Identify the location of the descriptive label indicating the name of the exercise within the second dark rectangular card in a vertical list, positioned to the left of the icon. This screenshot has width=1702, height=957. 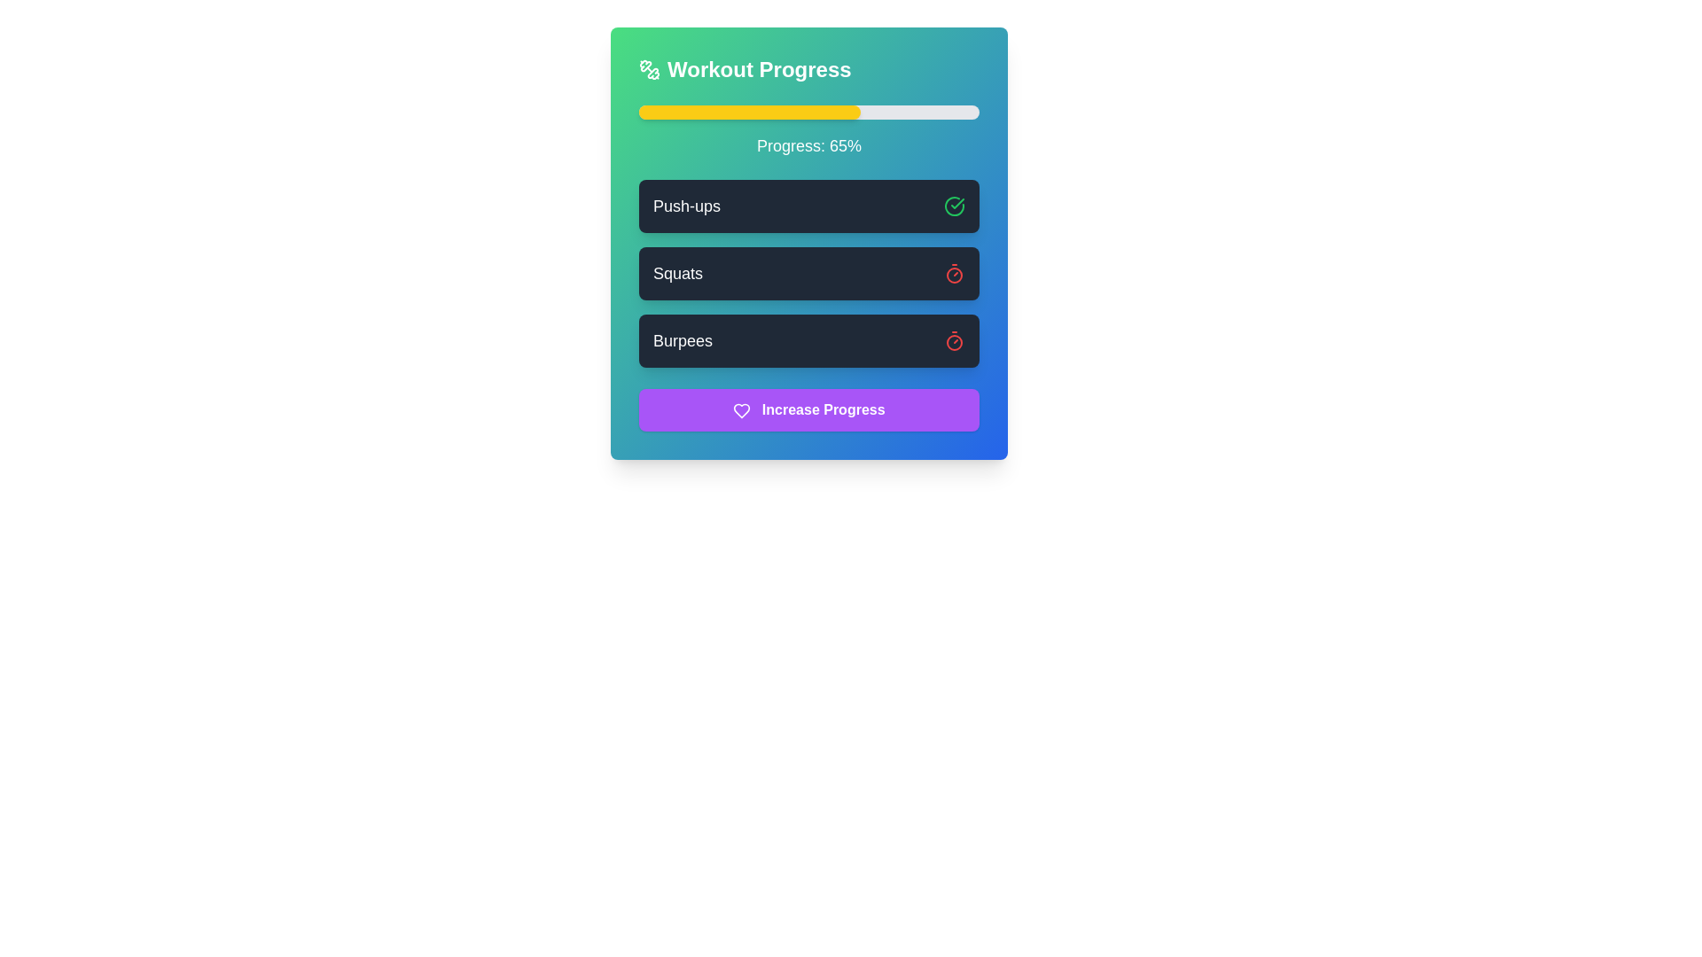
(676, 273).